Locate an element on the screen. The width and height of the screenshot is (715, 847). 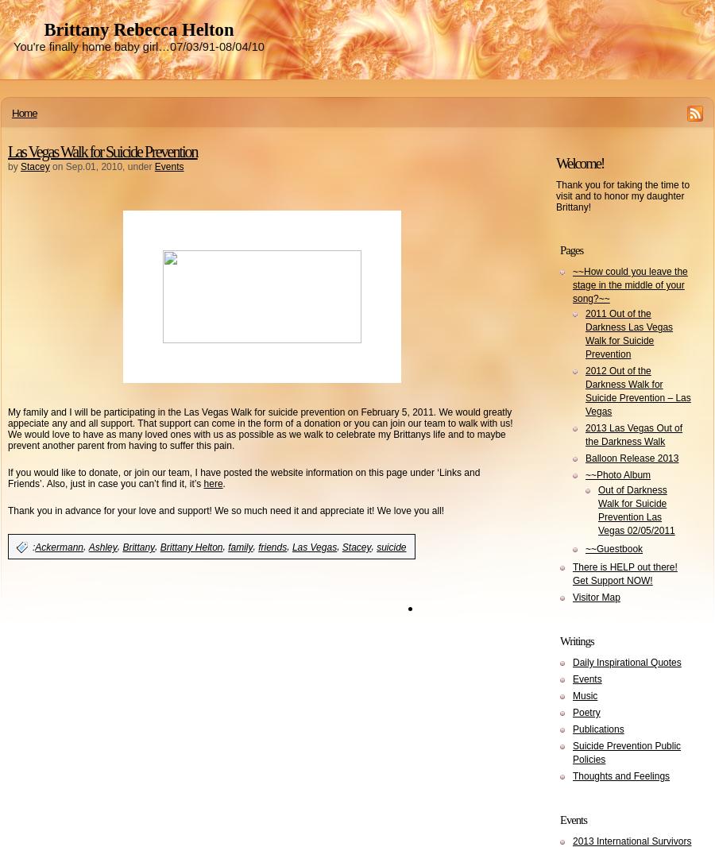
'Welcome!' is located at coordinates (578, 162).